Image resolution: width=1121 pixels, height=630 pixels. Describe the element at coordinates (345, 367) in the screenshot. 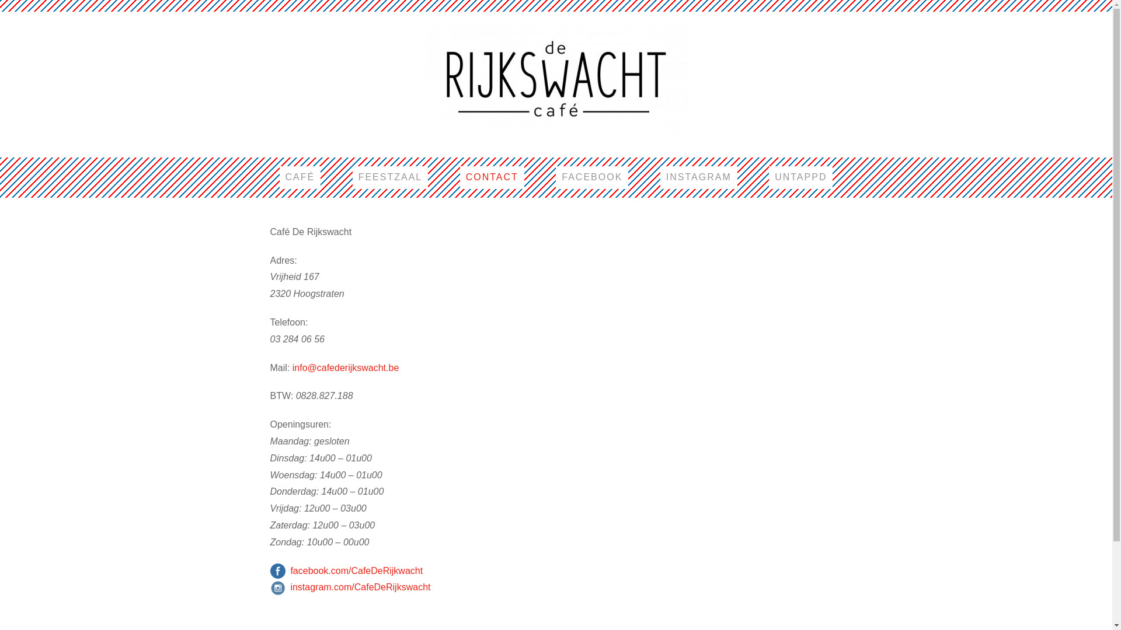

I see `'info@cafederijkswacht.be'` at that location.